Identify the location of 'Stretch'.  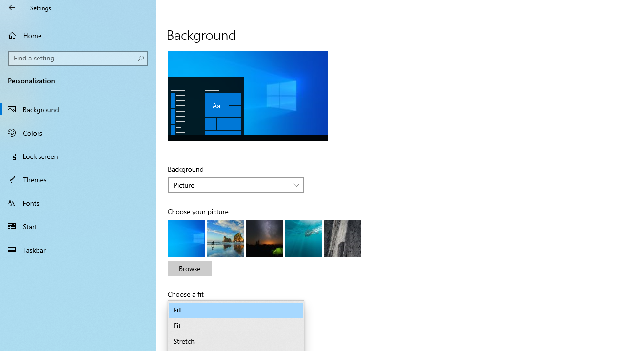
(236, 341).